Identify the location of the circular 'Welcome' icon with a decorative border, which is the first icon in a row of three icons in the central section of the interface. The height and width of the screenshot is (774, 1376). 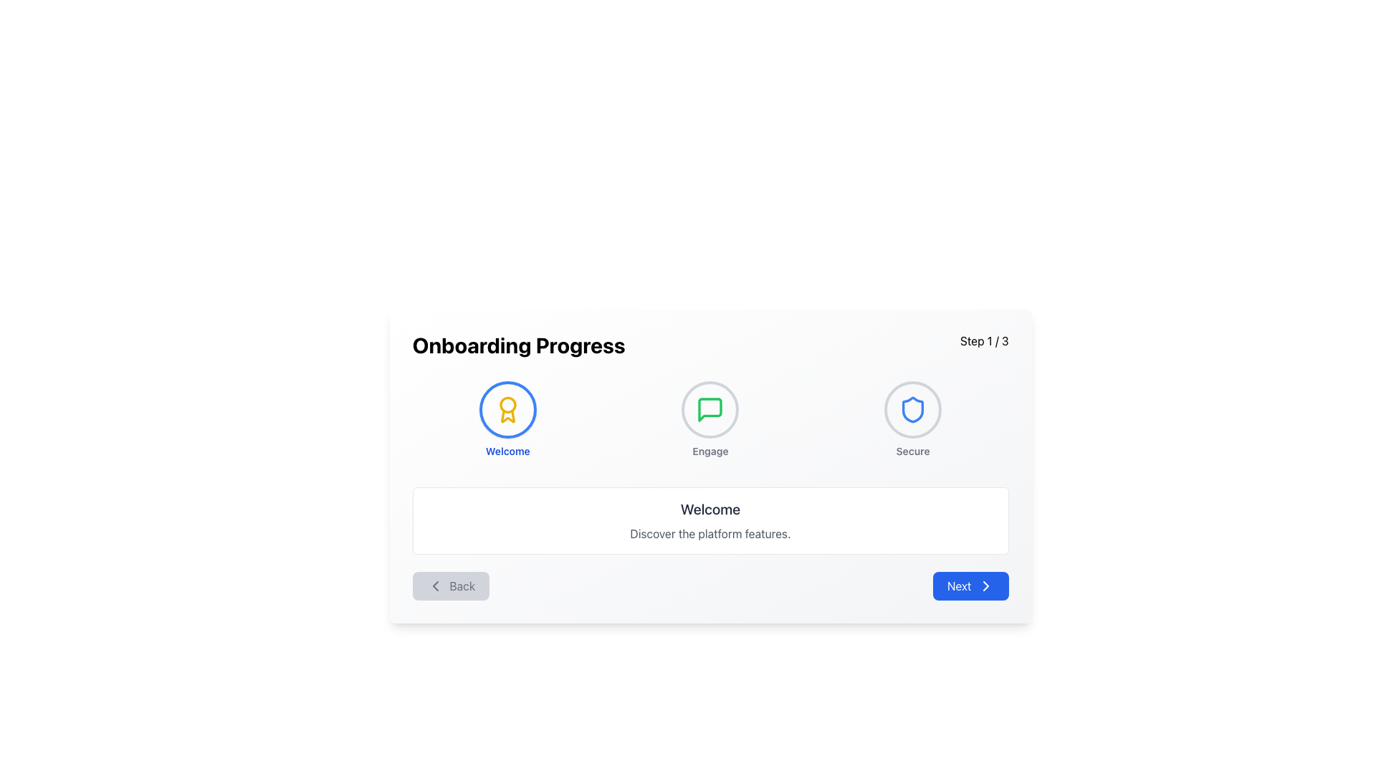
(507, 409).